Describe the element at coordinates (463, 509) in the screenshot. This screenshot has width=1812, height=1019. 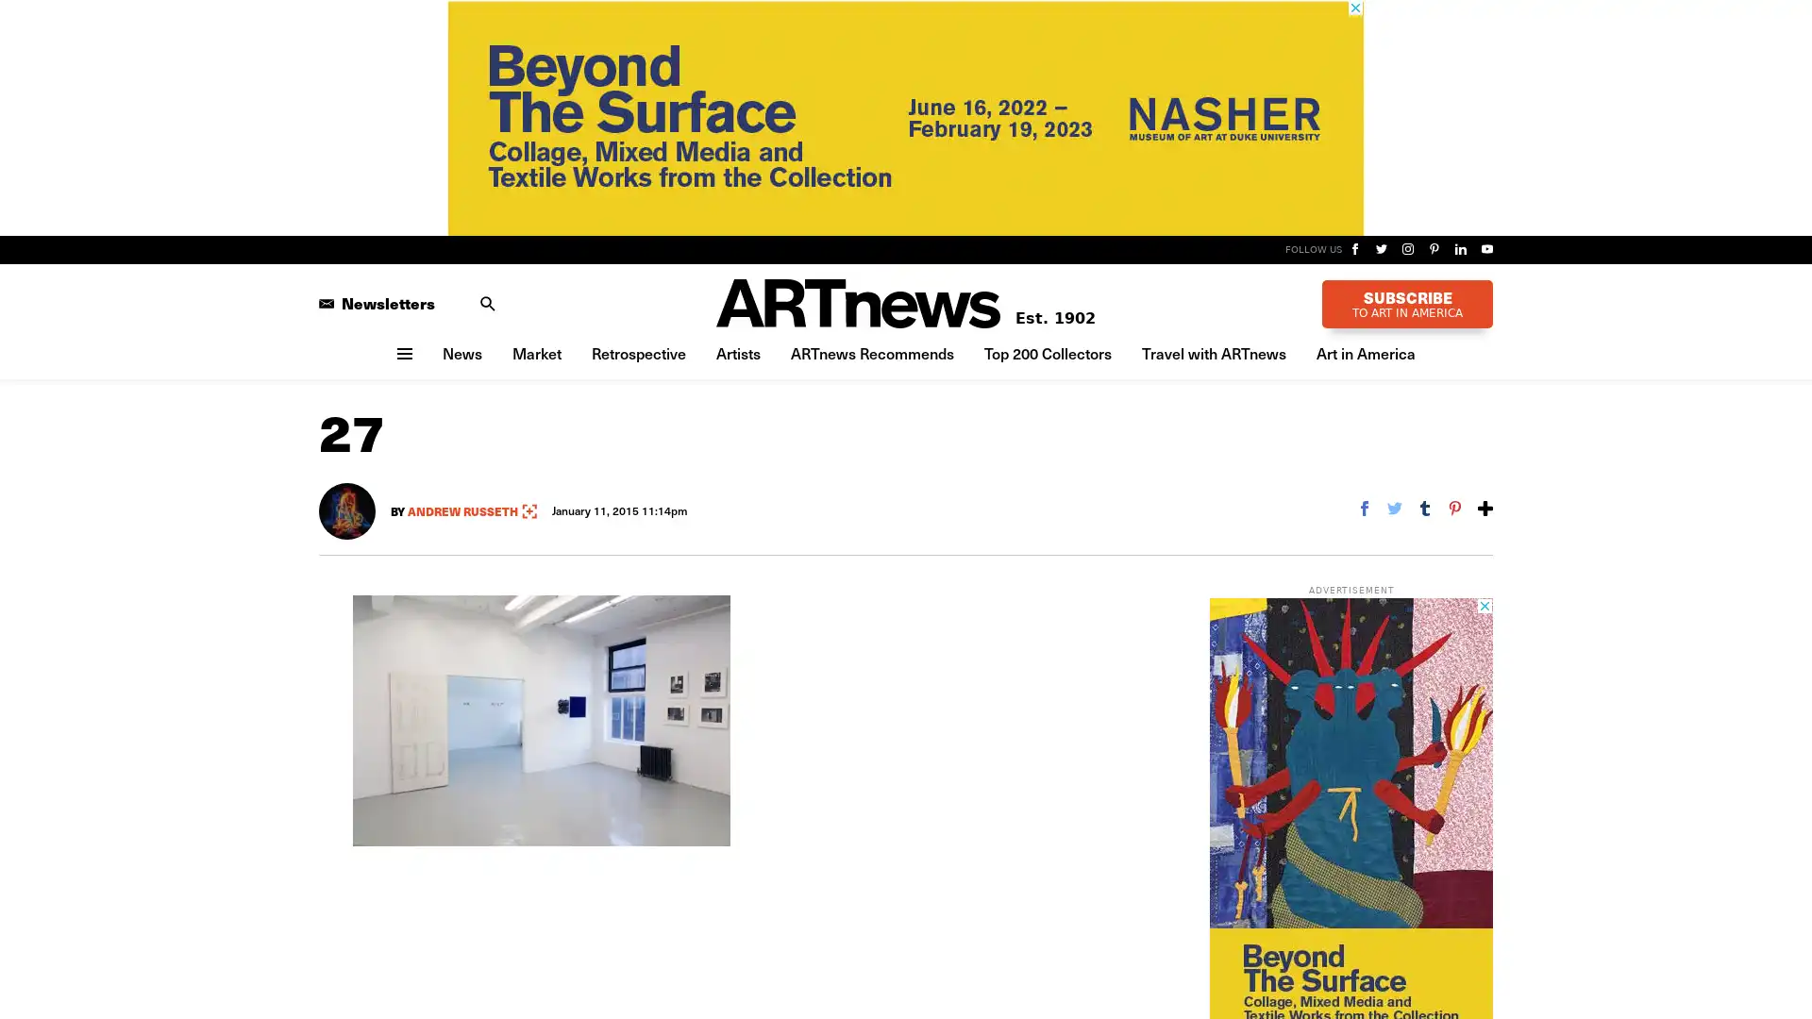
I see `BY ANDREW RUSSETH Plus Icon` at that location.